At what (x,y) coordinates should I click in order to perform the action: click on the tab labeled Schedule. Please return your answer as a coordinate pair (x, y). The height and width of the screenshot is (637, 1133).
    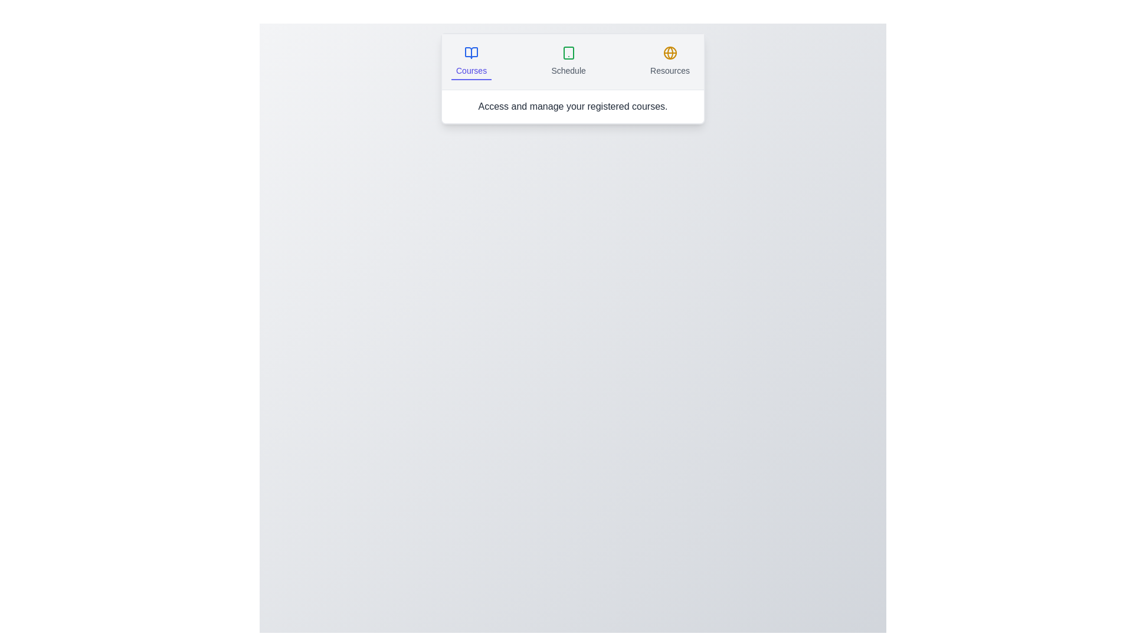
    Looking at the image, I should click on (568, 61).